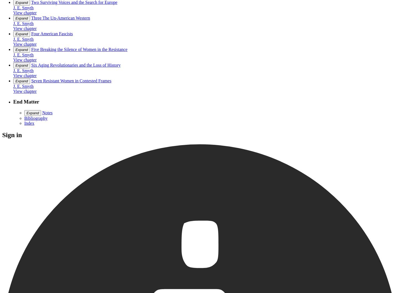 Image resolution: width=400 pixels, height=293 pixels. What do you see at coordinates (66, 18) in the screenshot?
I see `'The Un-American Western'` at bounding box center [66, 18].